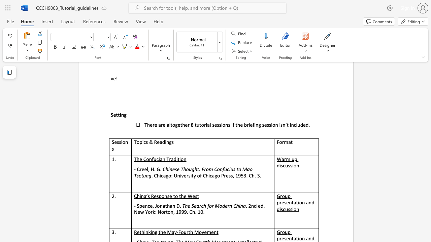 This screenshot has height=242, width=431. Describe the element at coordinates (288, 196) in the screenshot. I see `the subset text "p pres" within the text "Group presentation and discussion"` at that location.